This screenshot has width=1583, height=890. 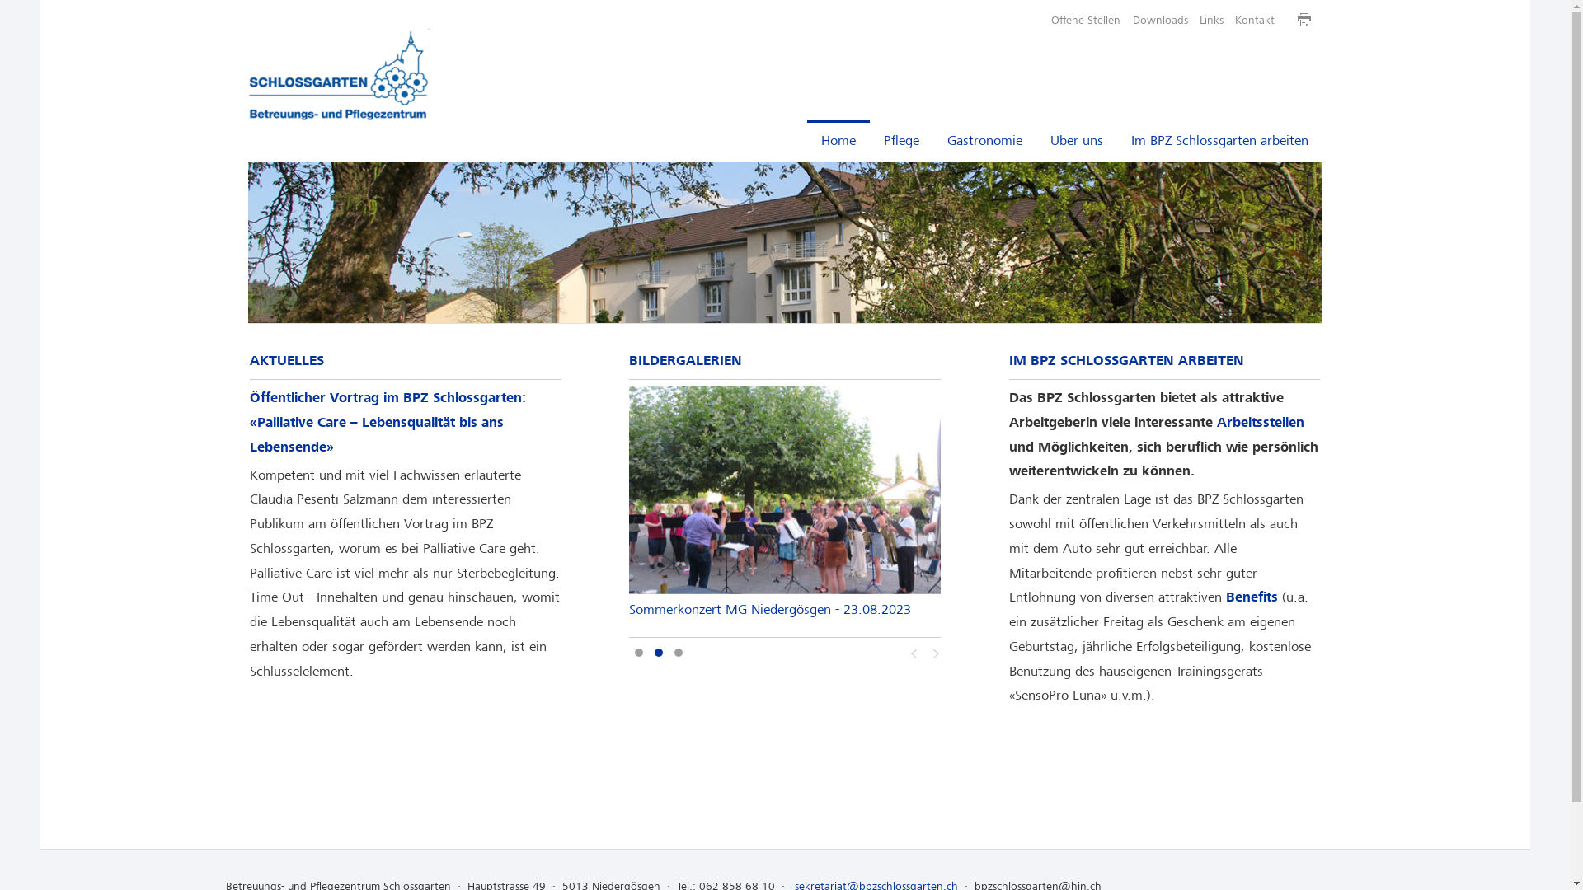 What do you see at coordinates (838, 139) in the screenshot?
I see `'Home'` at bounding box center [838, 139].